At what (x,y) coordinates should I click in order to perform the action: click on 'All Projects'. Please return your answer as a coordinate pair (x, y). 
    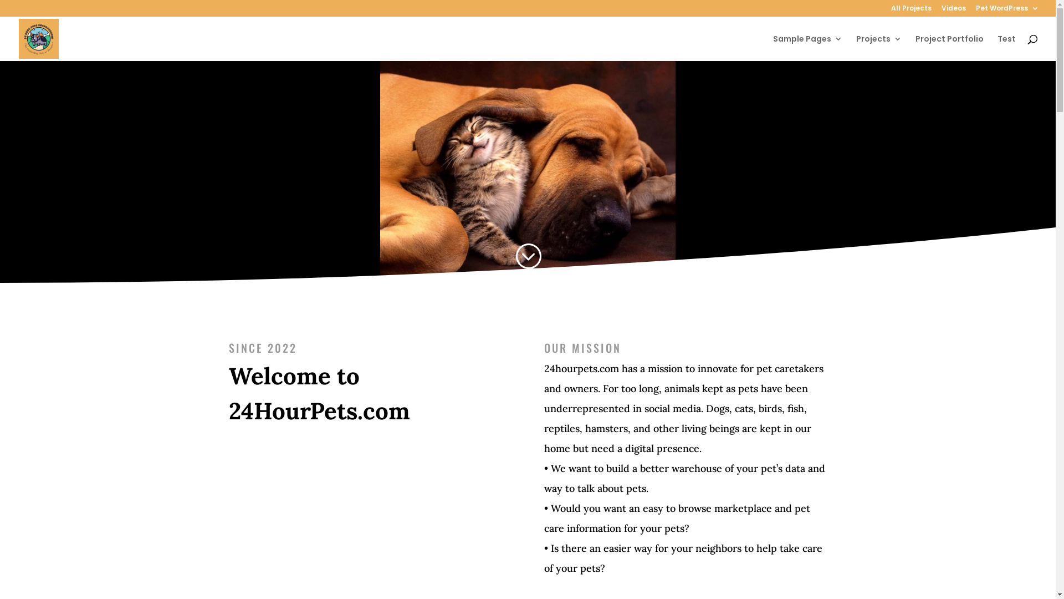
    Looking at the image, I should click on (911, 11).